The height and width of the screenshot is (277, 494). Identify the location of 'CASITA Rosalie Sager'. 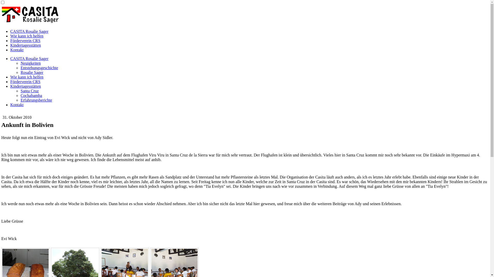
(29, 31).